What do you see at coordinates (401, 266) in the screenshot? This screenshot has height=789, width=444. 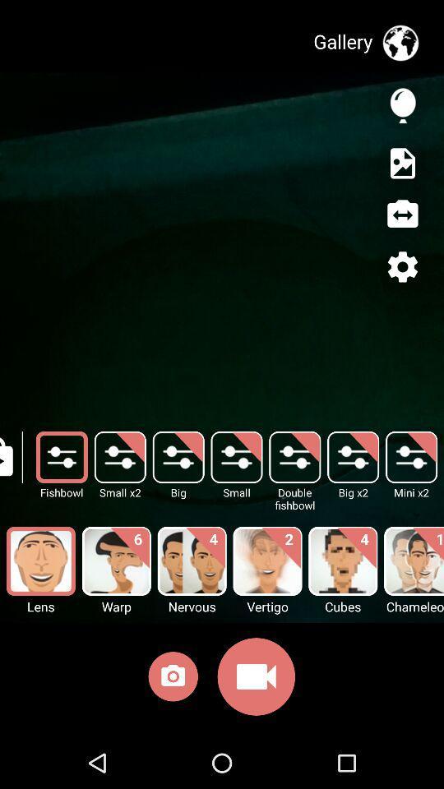 I see `the settings icon` at bounding box center [401, 266].